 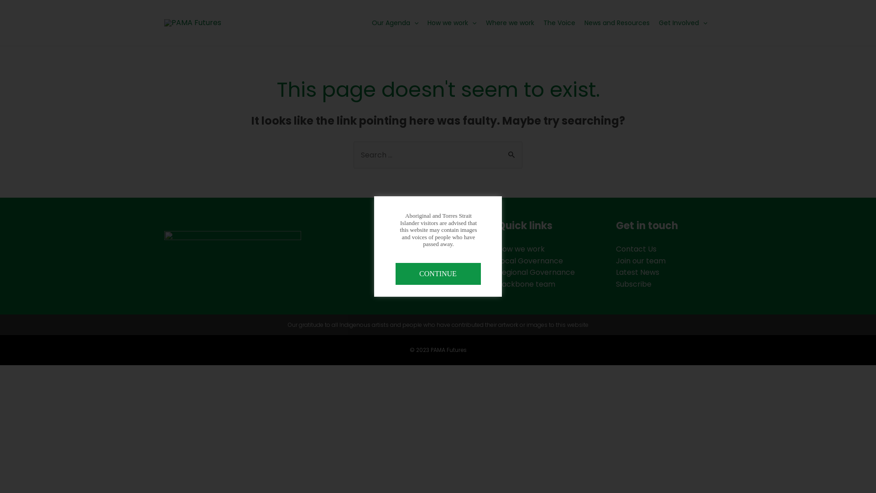 I want to click on 'Search', so click(x=512, y=151).